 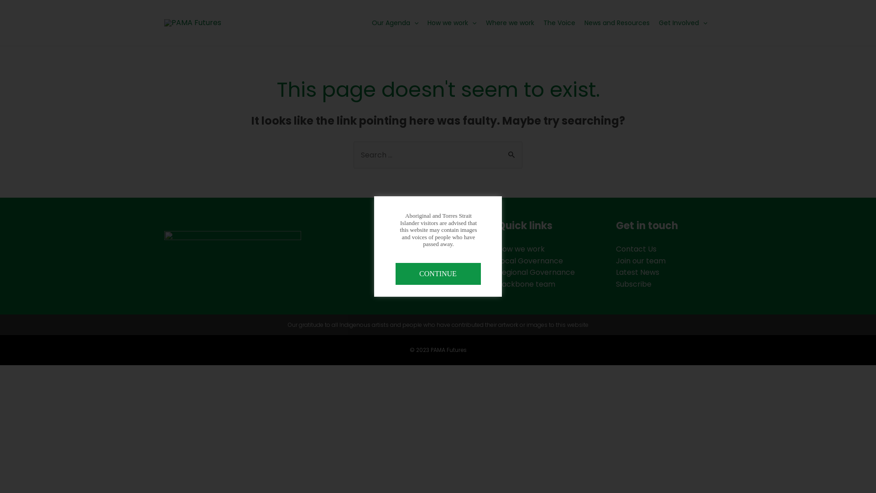 I want to click on 'Search', so click(x=512, y=151).